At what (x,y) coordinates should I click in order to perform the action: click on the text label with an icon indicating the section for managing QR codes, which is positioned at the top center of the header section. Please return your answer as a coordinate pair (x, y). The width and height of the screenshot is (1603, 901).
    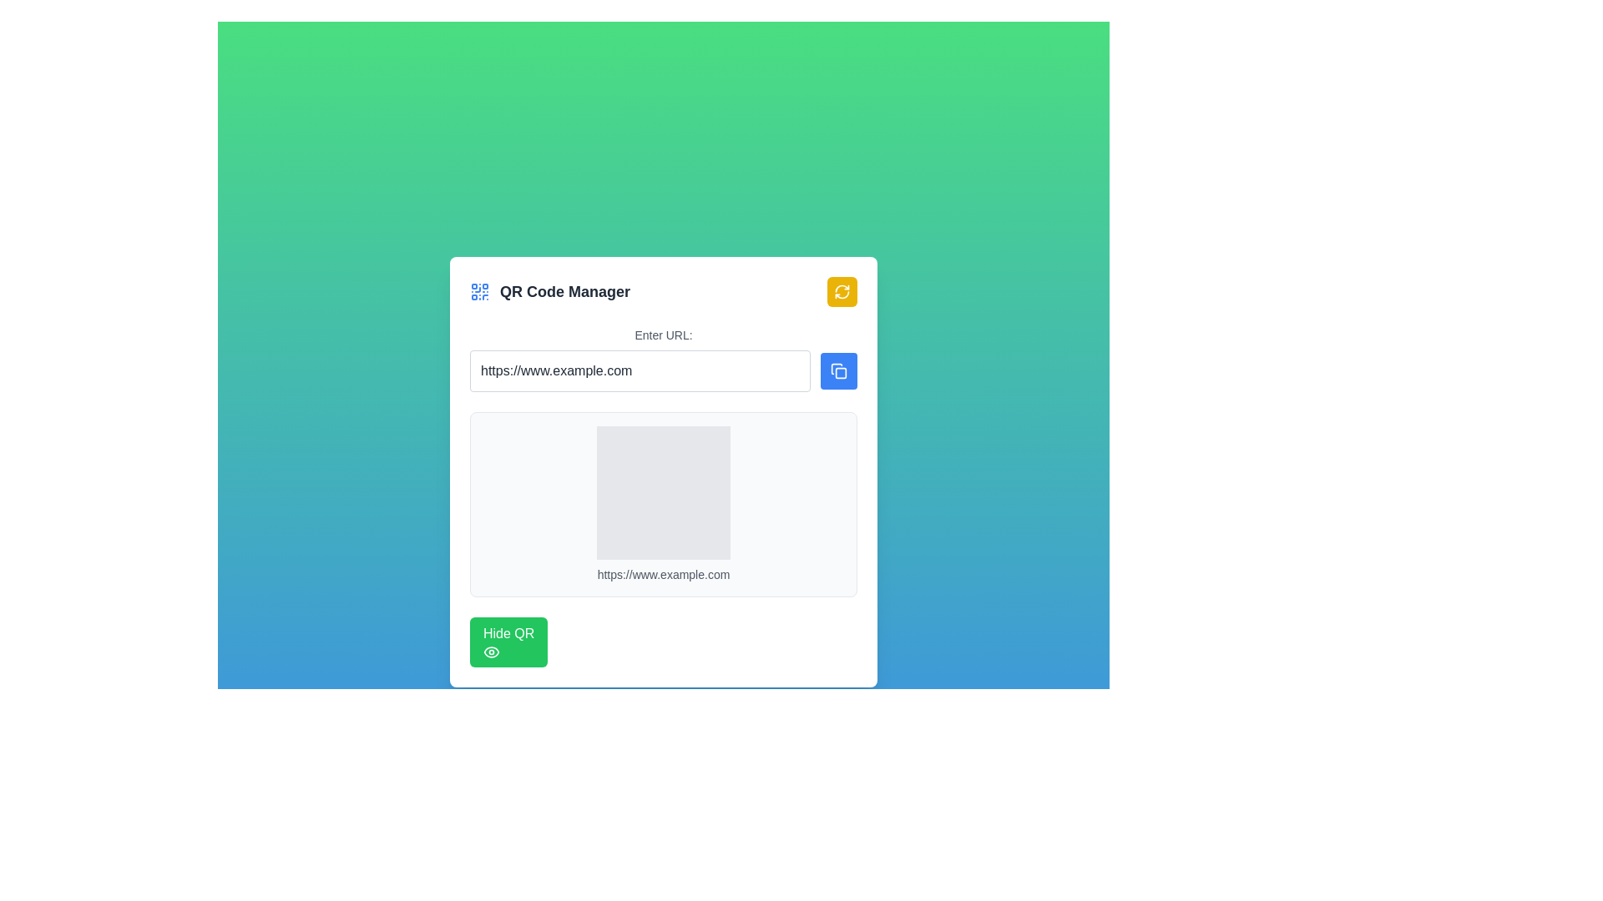
    Looking at the image, I should click on (549, 291).